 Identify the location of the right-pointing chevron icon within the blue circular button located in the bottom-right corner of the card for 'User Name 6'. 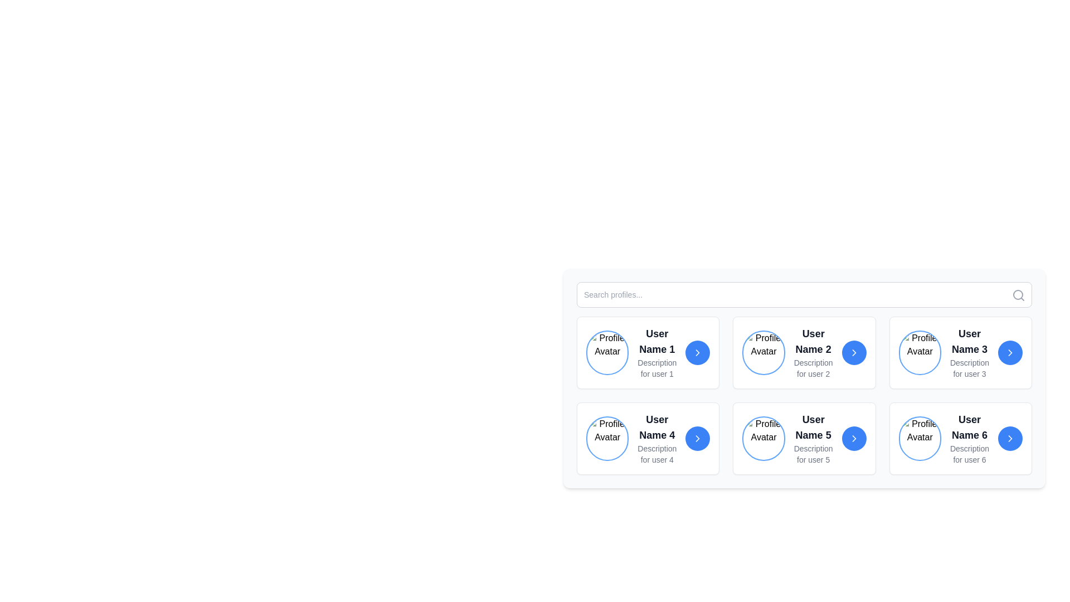
(1010, 438).